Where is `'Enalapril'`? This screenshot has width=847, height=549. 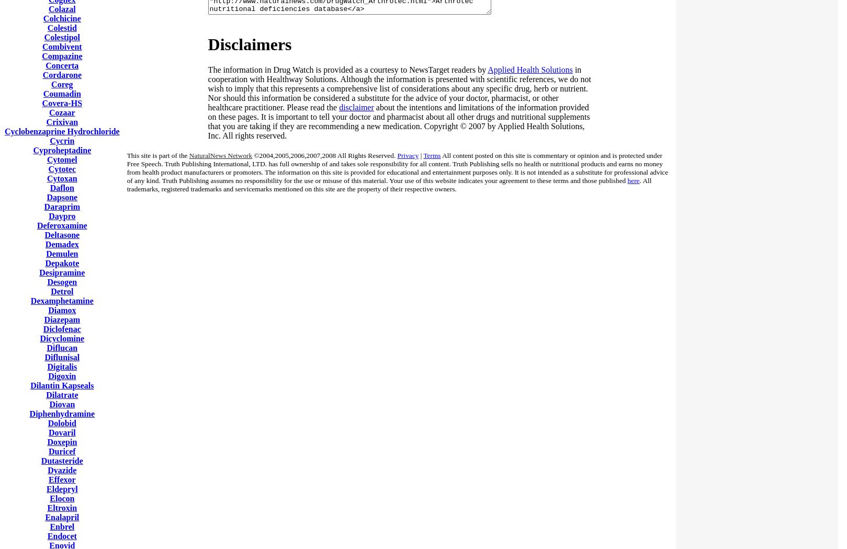
'Enalapril' is located at coordinates (62, 517).